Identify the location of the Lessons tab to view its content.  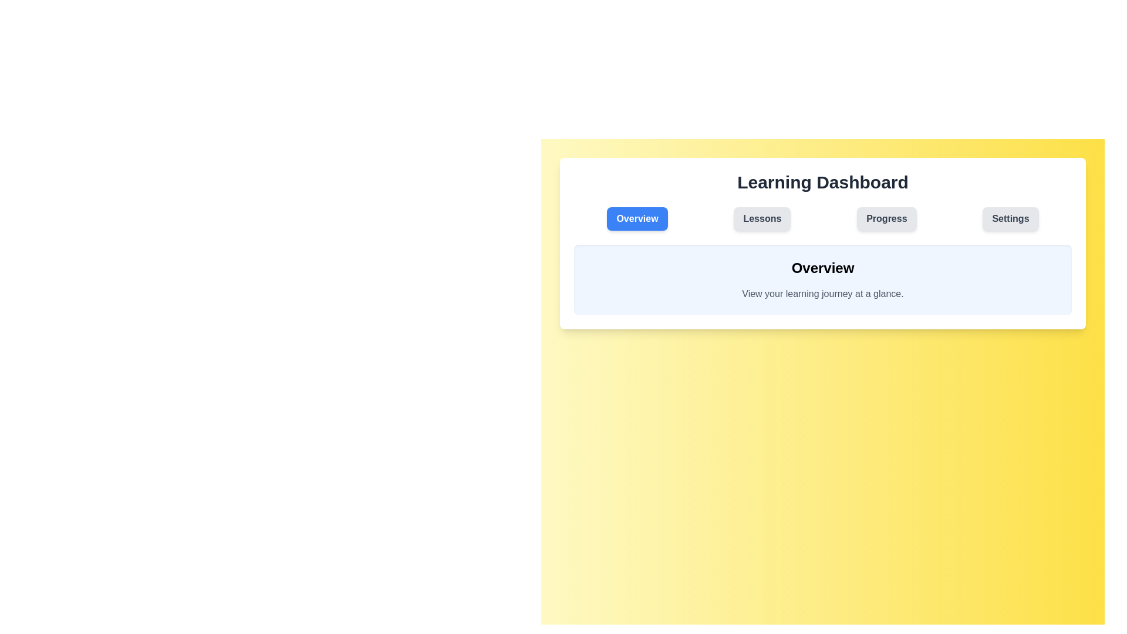
(762, 219).